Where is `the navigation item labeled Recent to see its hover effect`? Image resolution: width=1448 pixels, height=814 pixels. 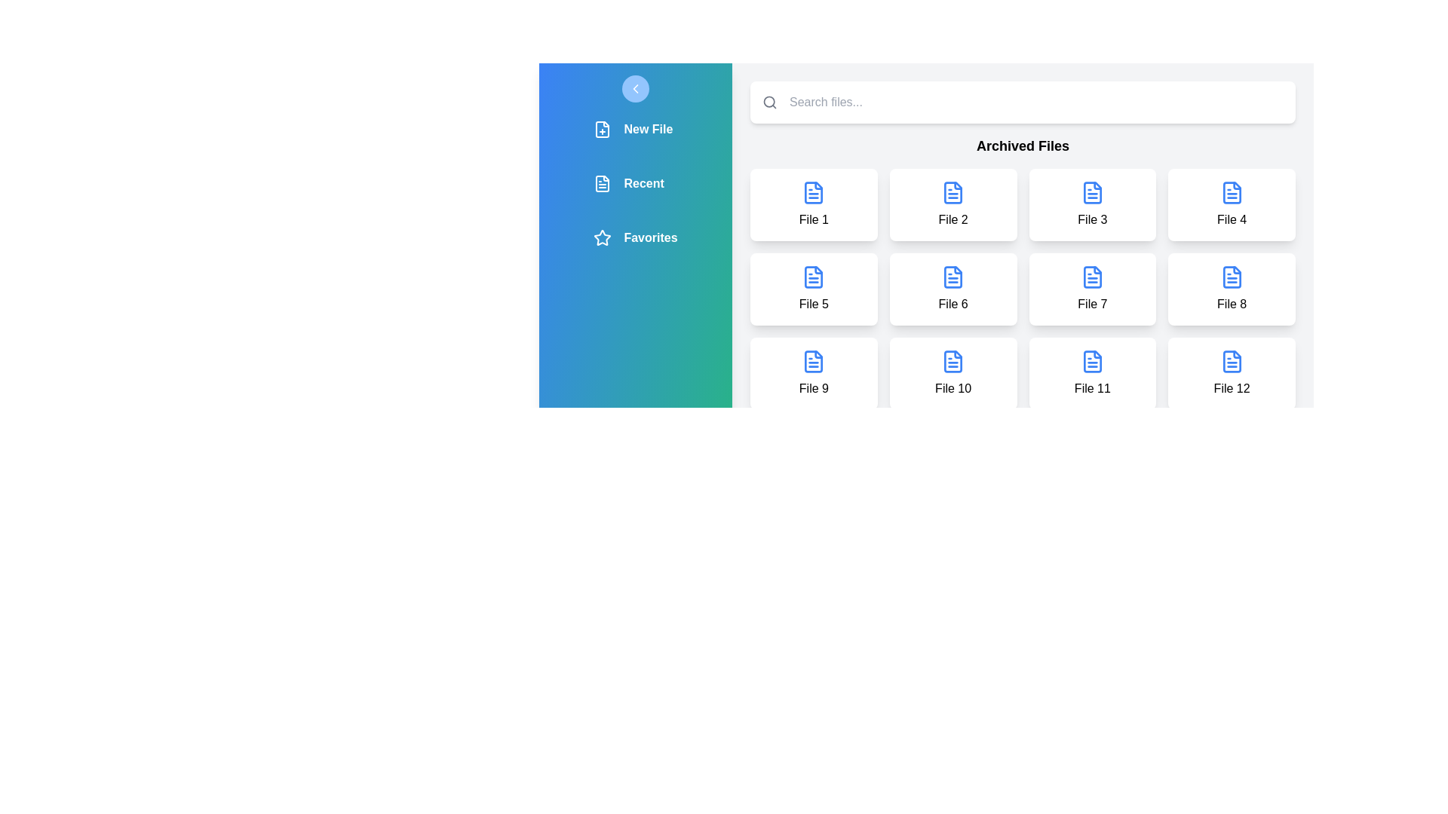
the navigation item labeled Recent to see its hover effect is located at coordinates (636, 182).